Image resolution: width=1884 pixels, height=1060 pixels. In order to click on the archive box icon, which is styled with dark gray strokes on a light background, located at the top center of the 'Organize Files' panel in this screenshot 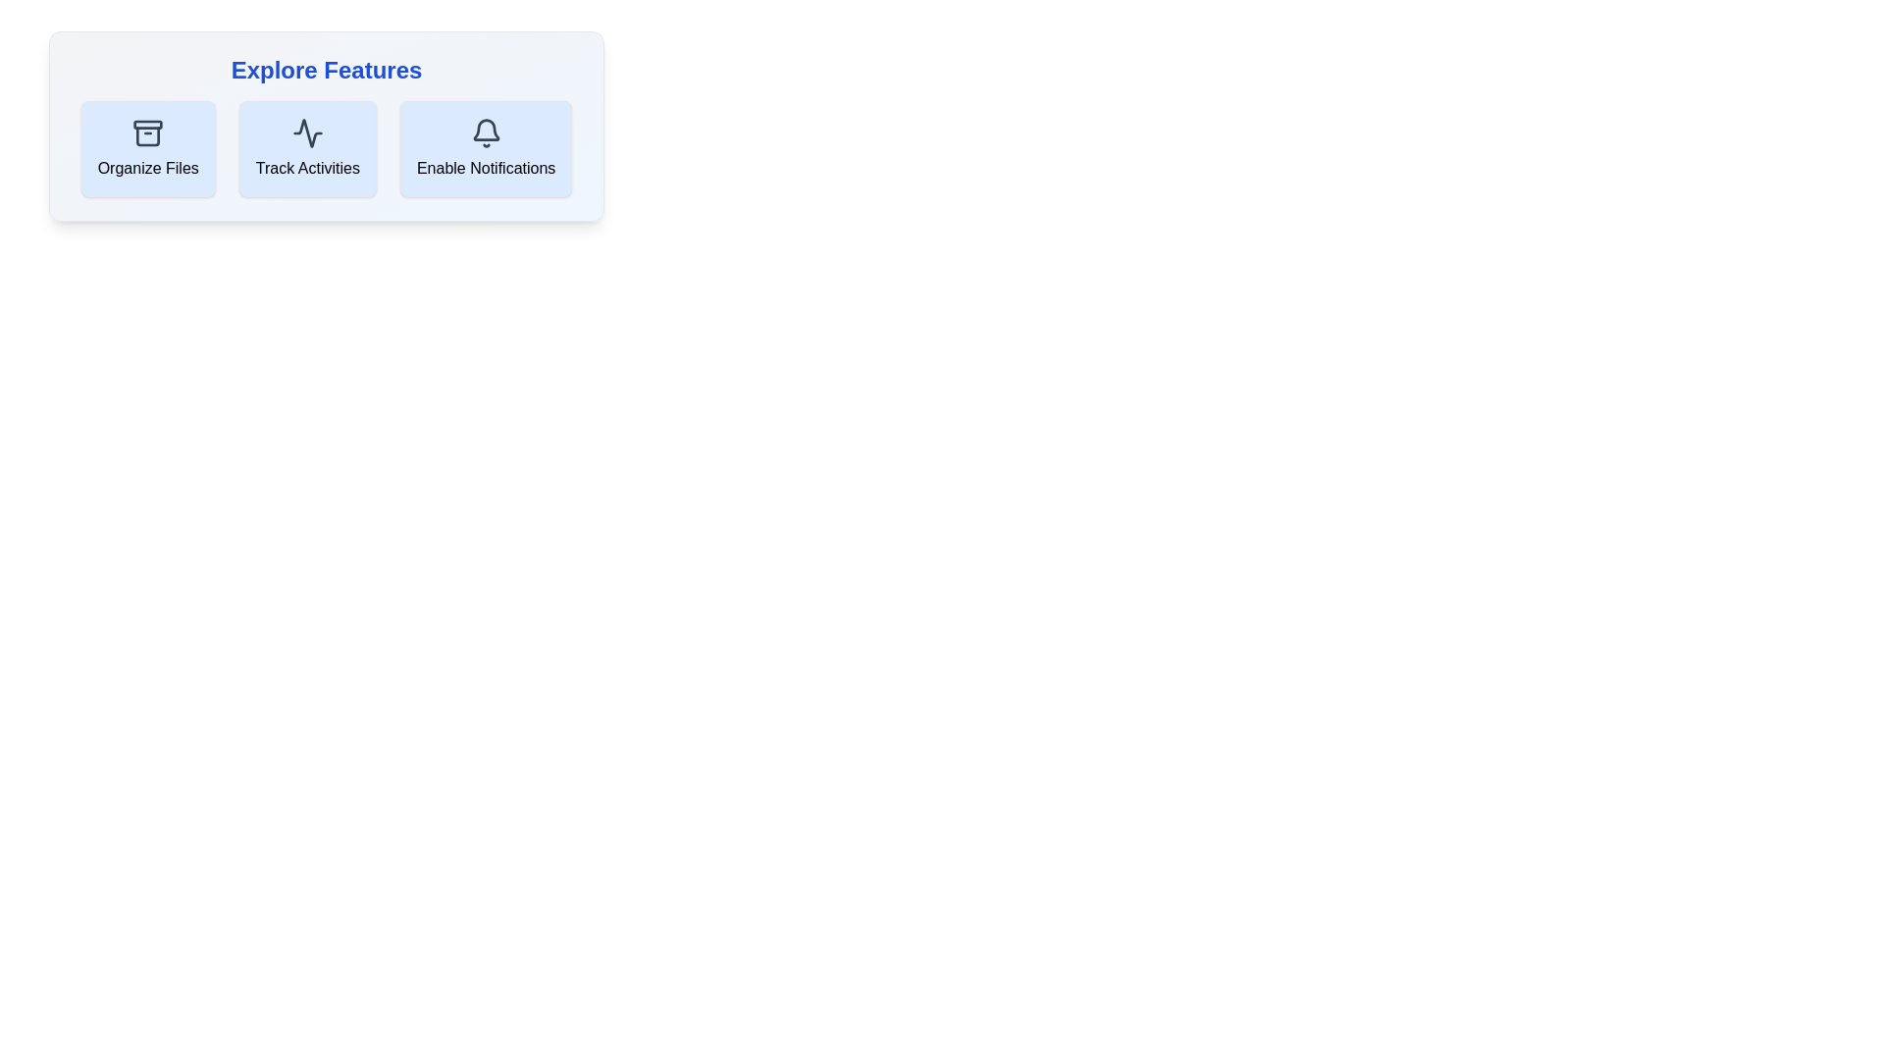, I will do `click(147, 132)`.